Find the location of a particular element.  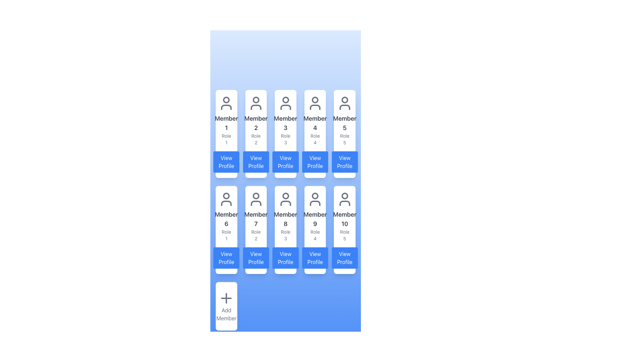

the text label displaying 'Role 2' in light gray font located within the profile card, positioned below 'Member 7' and above the 'View Profile' button is located at coordinates (255, 235).